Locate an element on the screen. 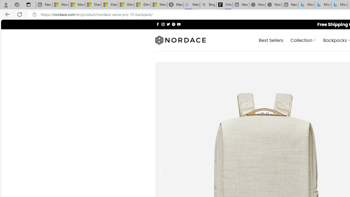 The height and width of the screenshot is (197, 350). 'Microsoft Bing Travel - Shangri-La Hotel Bangkok' is located at coordinates (339, 5).